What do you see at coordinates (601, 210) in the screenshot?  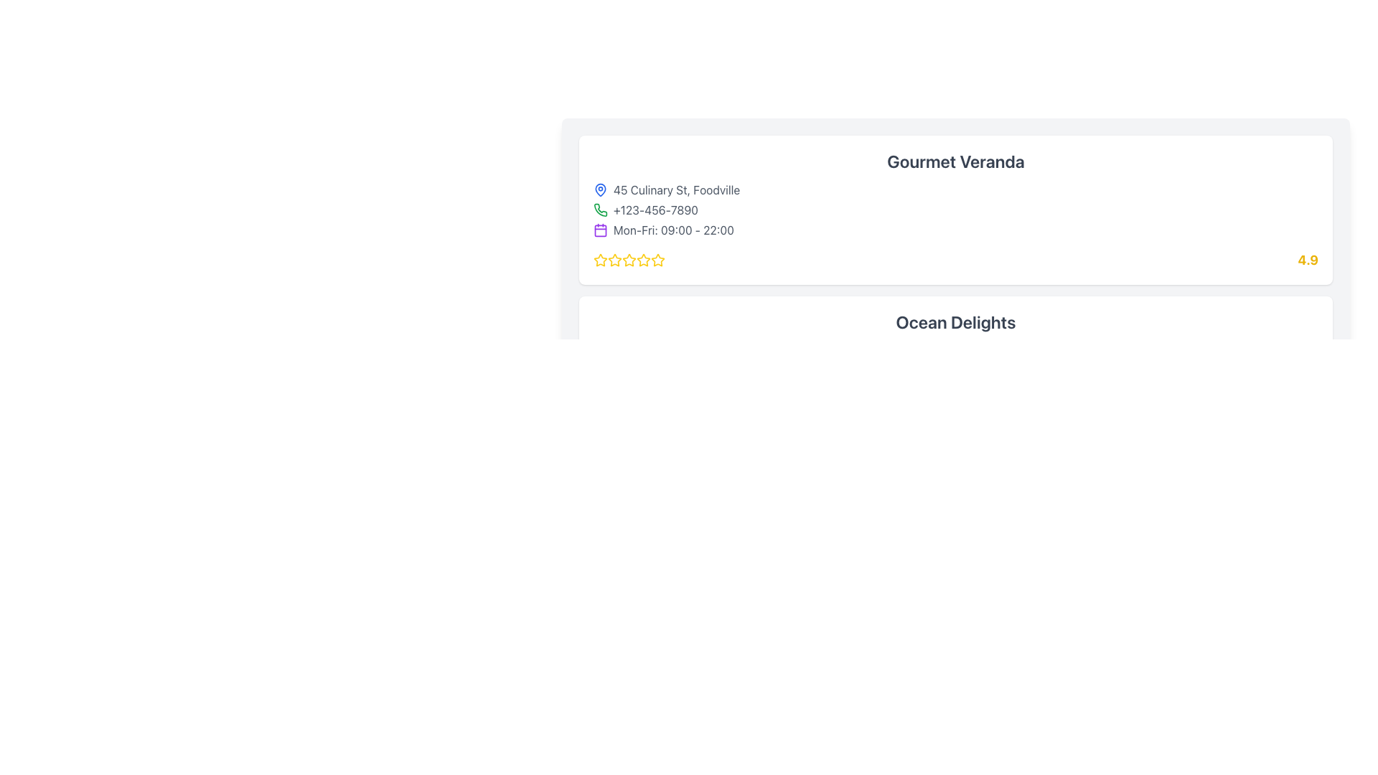 I see `the phone icon next to the phone number '+123-456-7890', which indicates the contact method visually` at bounding box center [601, 210].